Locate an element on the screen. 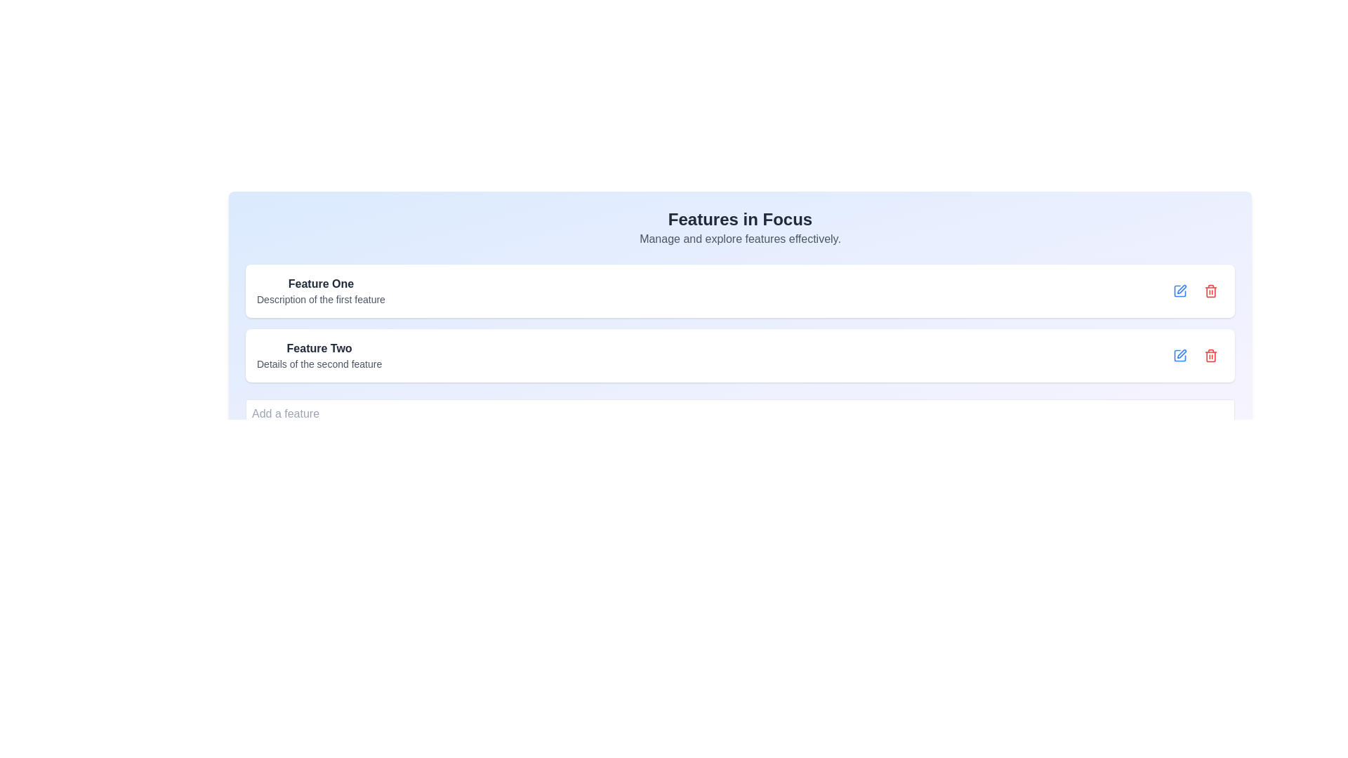 The width and height of the screenshot is (1348, 758). the text label displaying 'Feature Two', which is bold and aligned left, positioned above the text 'Details of the second feature' is located at coordinates (319, 348).